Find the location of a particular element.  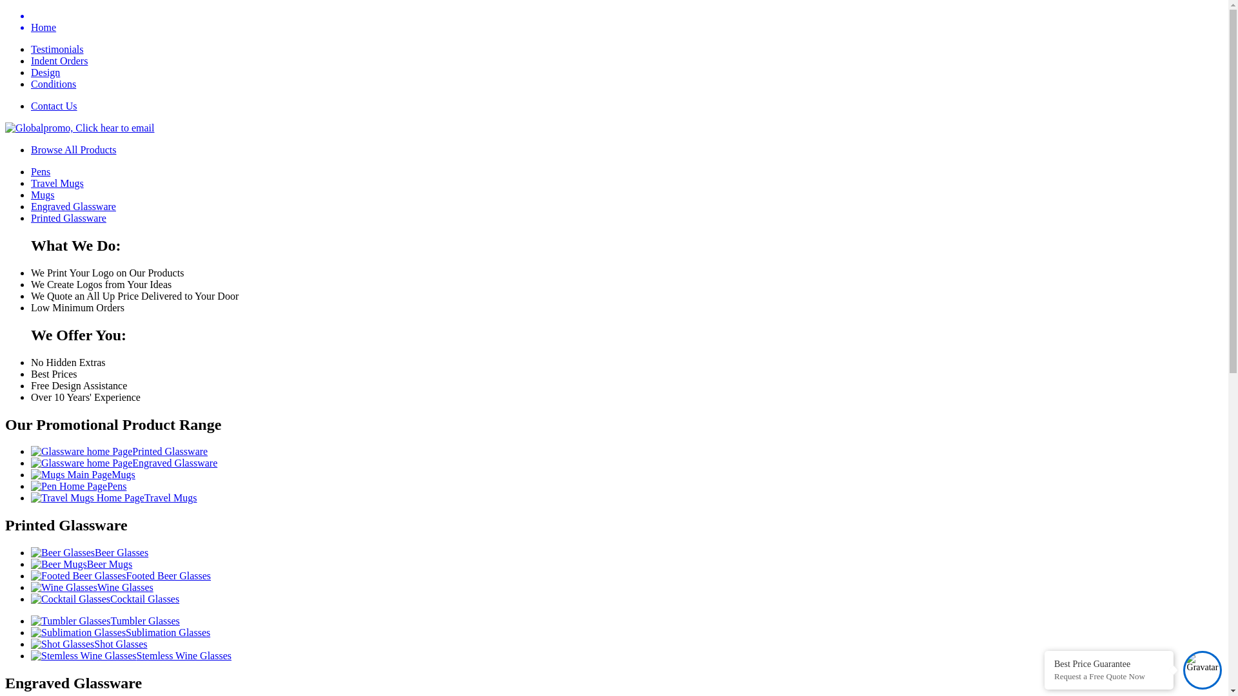

'Printed Glassware' is located at coordinates (119, 450).